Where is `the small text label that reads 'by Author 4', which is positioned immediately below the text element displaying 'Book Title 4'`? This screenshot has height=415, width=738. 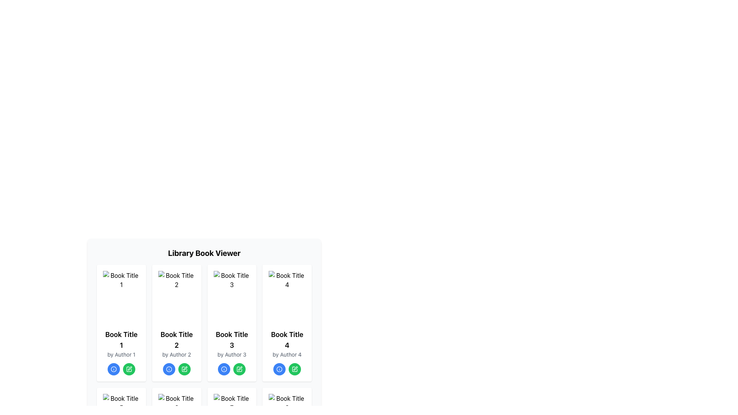
the small text label that reads 'by Author 4', which is positioned immediately below the text element displaying 'Book Title 4' is located at coordinates (287, 354).